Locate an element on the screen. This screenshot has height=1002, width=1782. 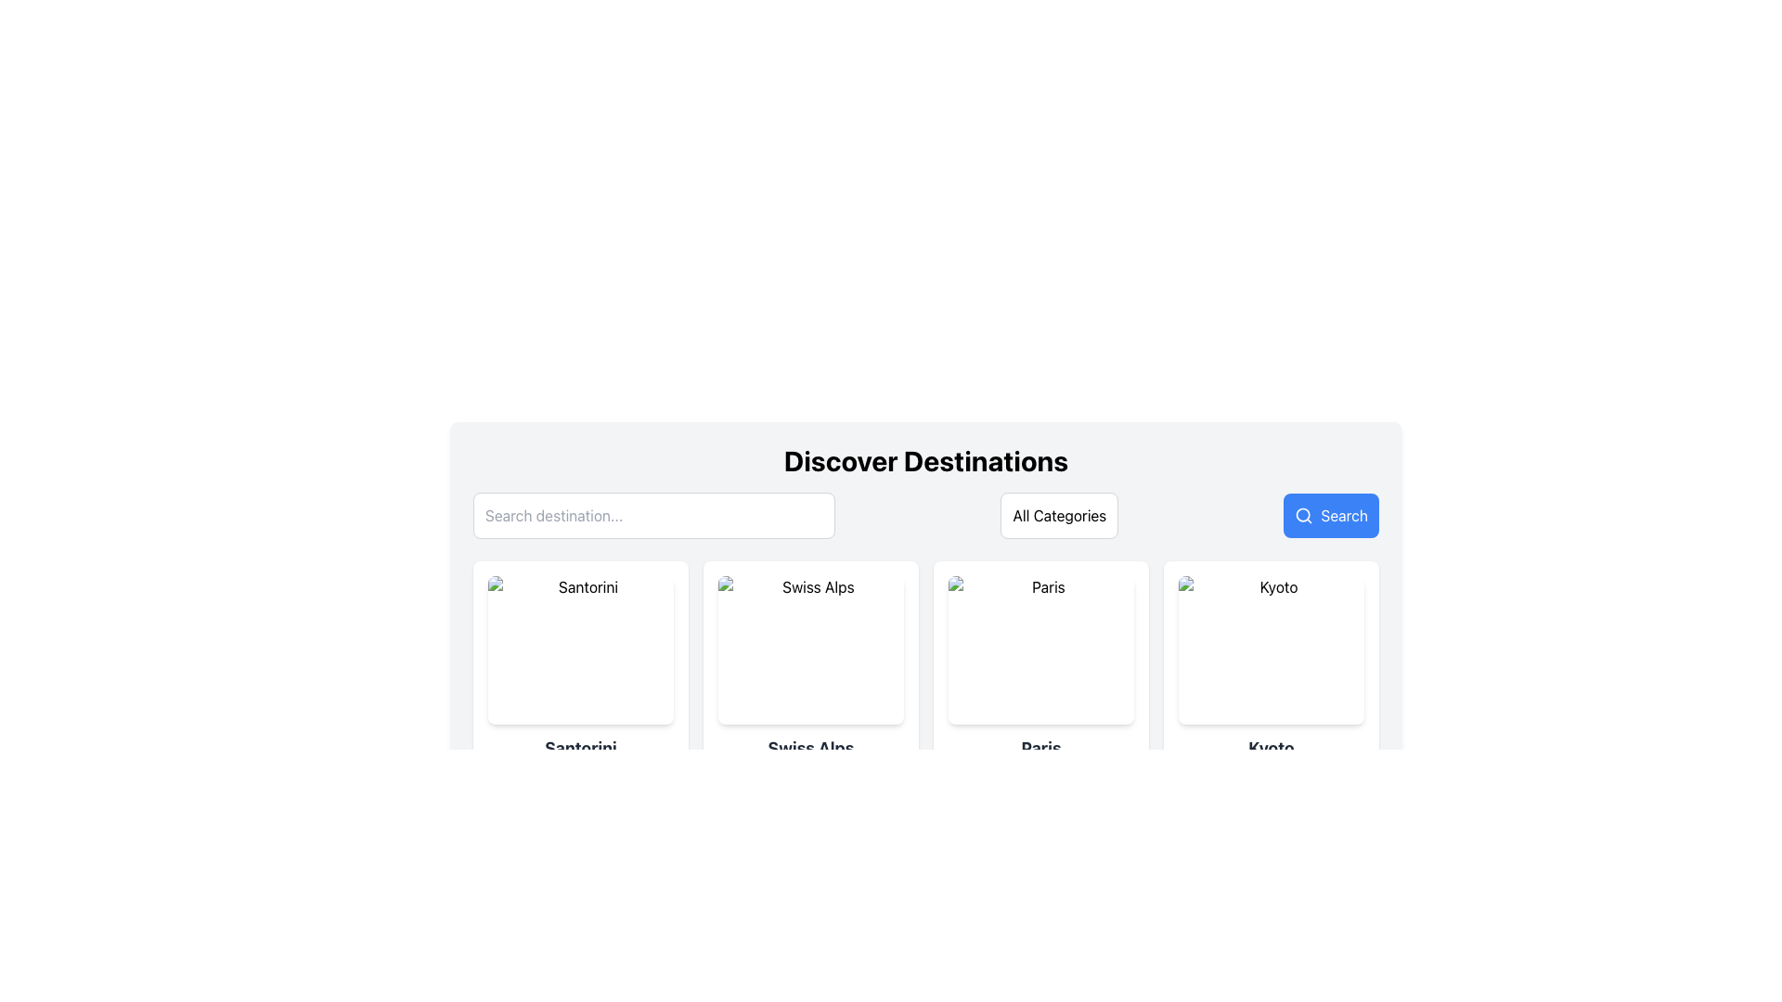
the text label displaying 'Kyoto' located below an image on the fourth card in the row on the right is located at coordinates (1270, 747).